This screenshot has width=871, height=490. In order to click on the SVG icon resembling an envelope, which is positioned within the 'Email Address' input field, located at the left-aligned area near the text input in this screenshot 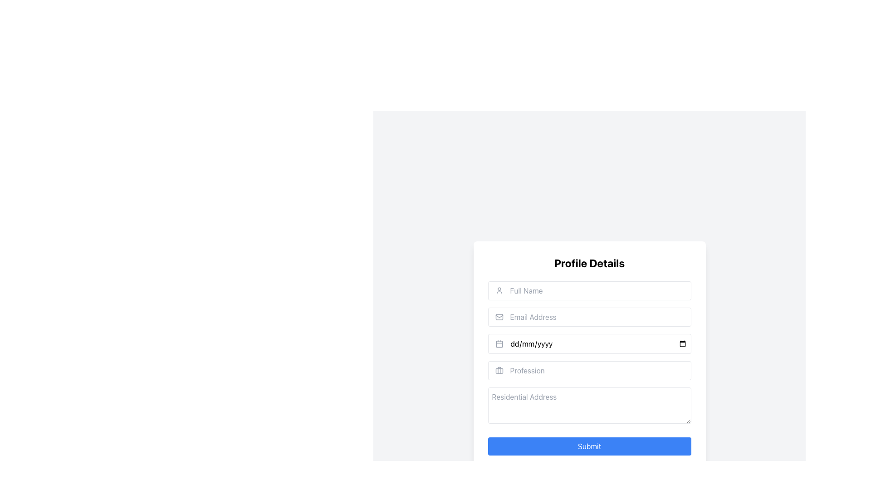, I will do `click(499, 316)`.